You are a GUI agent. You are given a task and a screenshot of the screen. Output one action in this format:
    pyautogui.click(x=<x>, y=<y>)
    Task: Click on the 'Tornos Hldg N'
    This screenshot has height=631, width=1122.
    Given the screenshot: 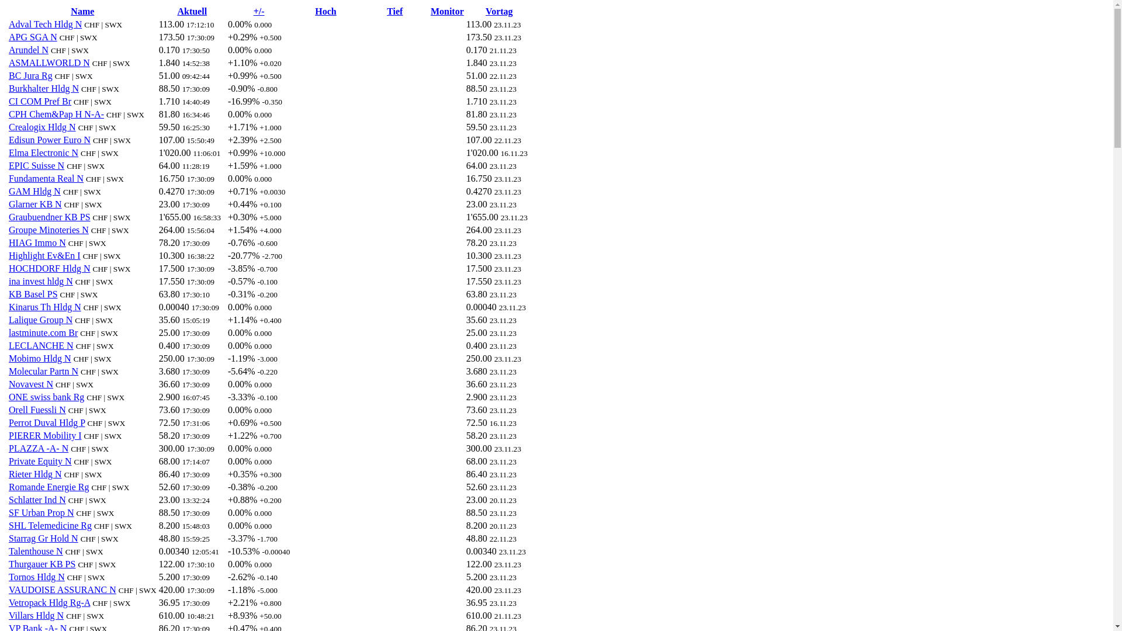 What is the action you would take?
    pyautogui.click(x=36, y=576)
    